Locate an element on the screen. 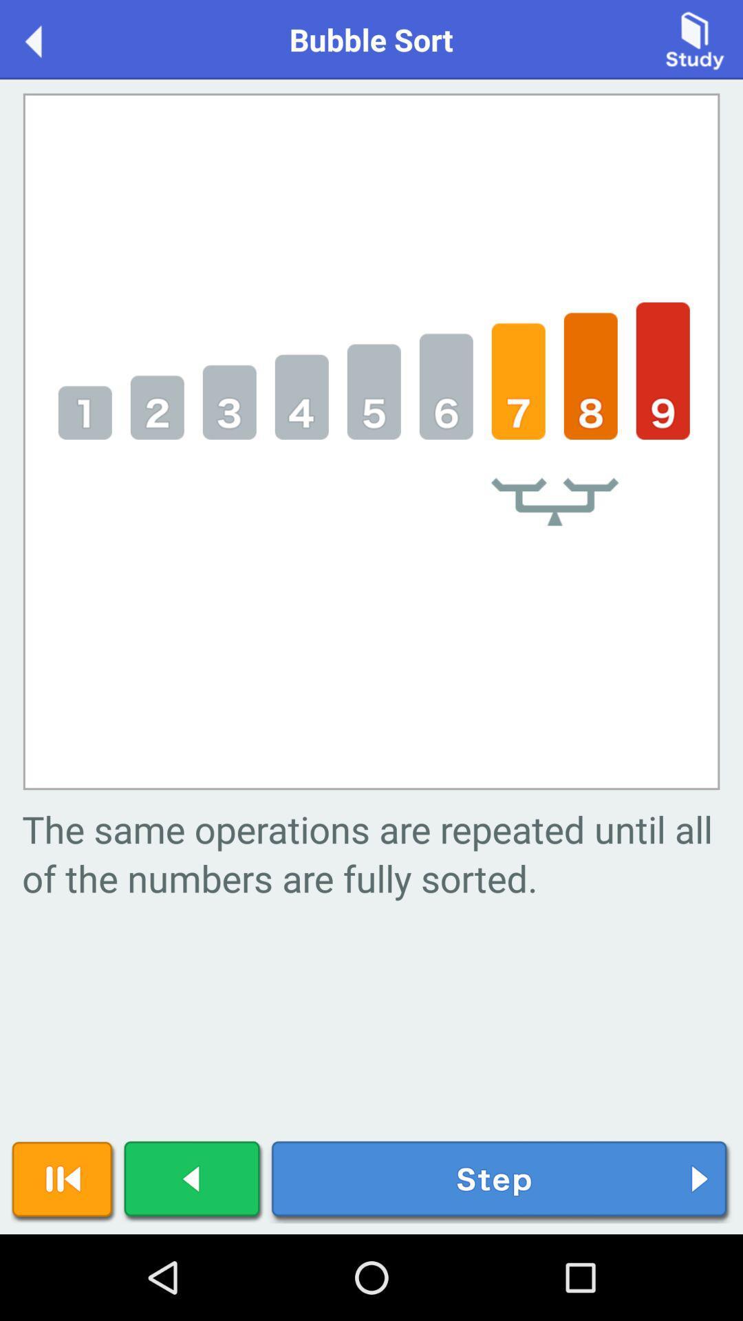  to study option is located at coordinates (695, 39).